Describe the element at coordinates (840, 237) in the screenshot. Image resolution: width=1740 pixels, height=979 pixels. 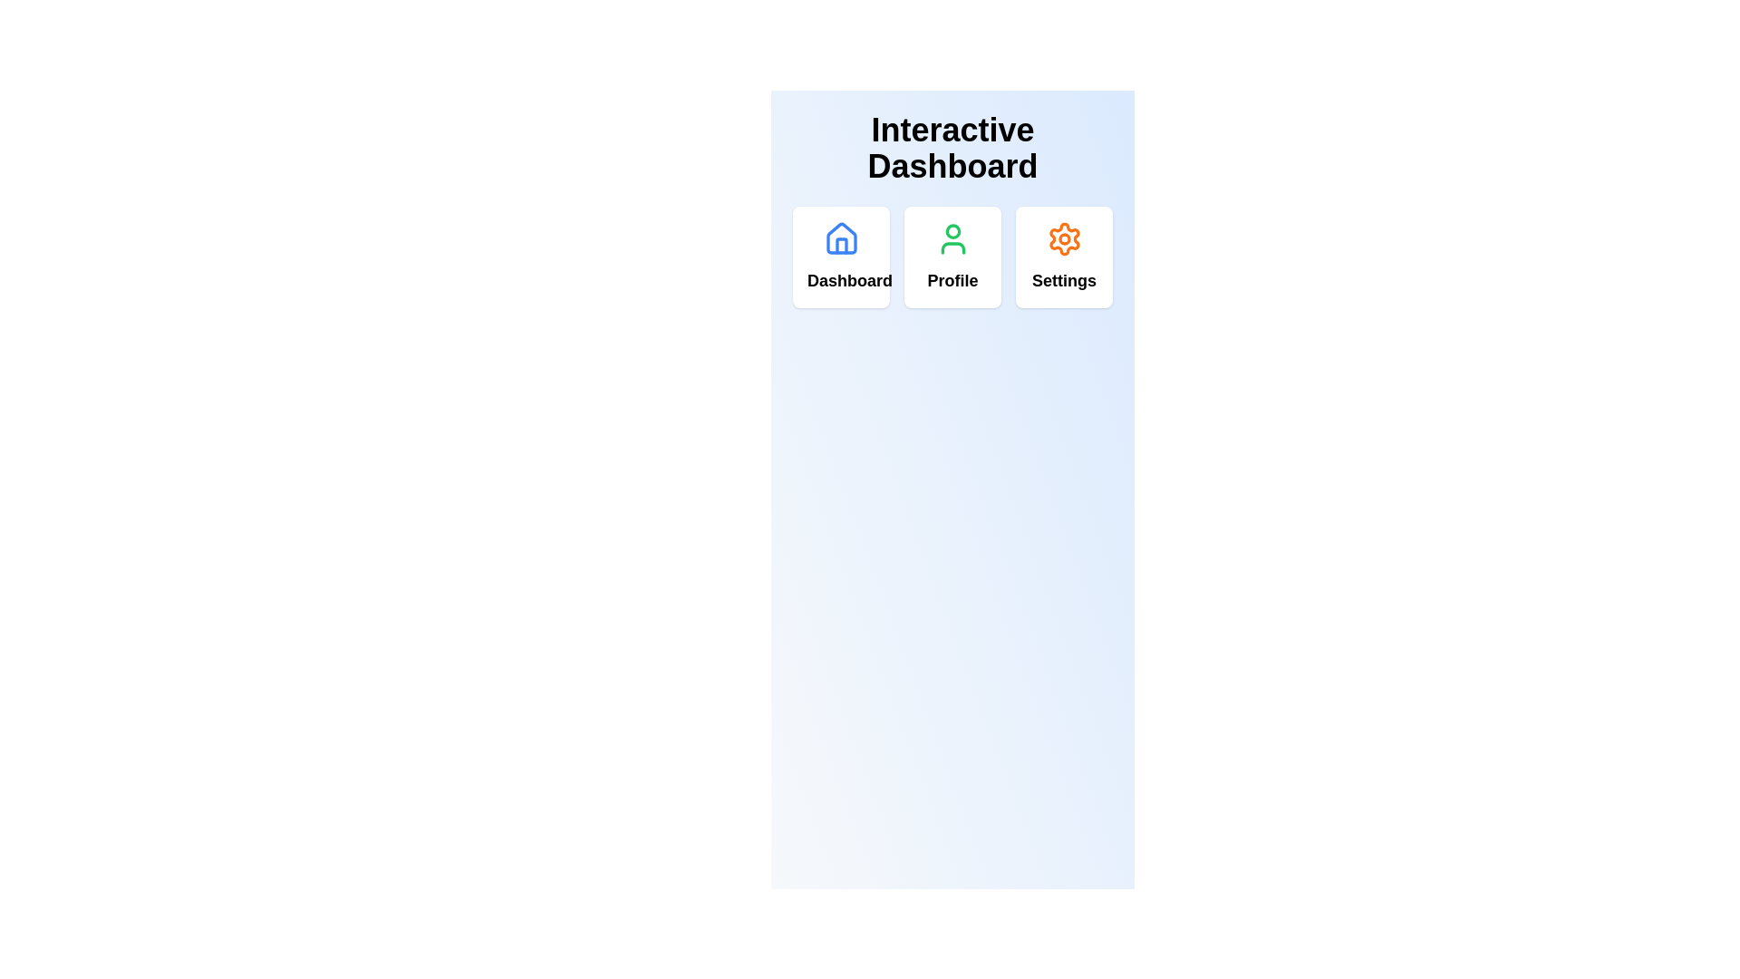
I see `the blue house icon located at the top center of the dashboard card` at that location.